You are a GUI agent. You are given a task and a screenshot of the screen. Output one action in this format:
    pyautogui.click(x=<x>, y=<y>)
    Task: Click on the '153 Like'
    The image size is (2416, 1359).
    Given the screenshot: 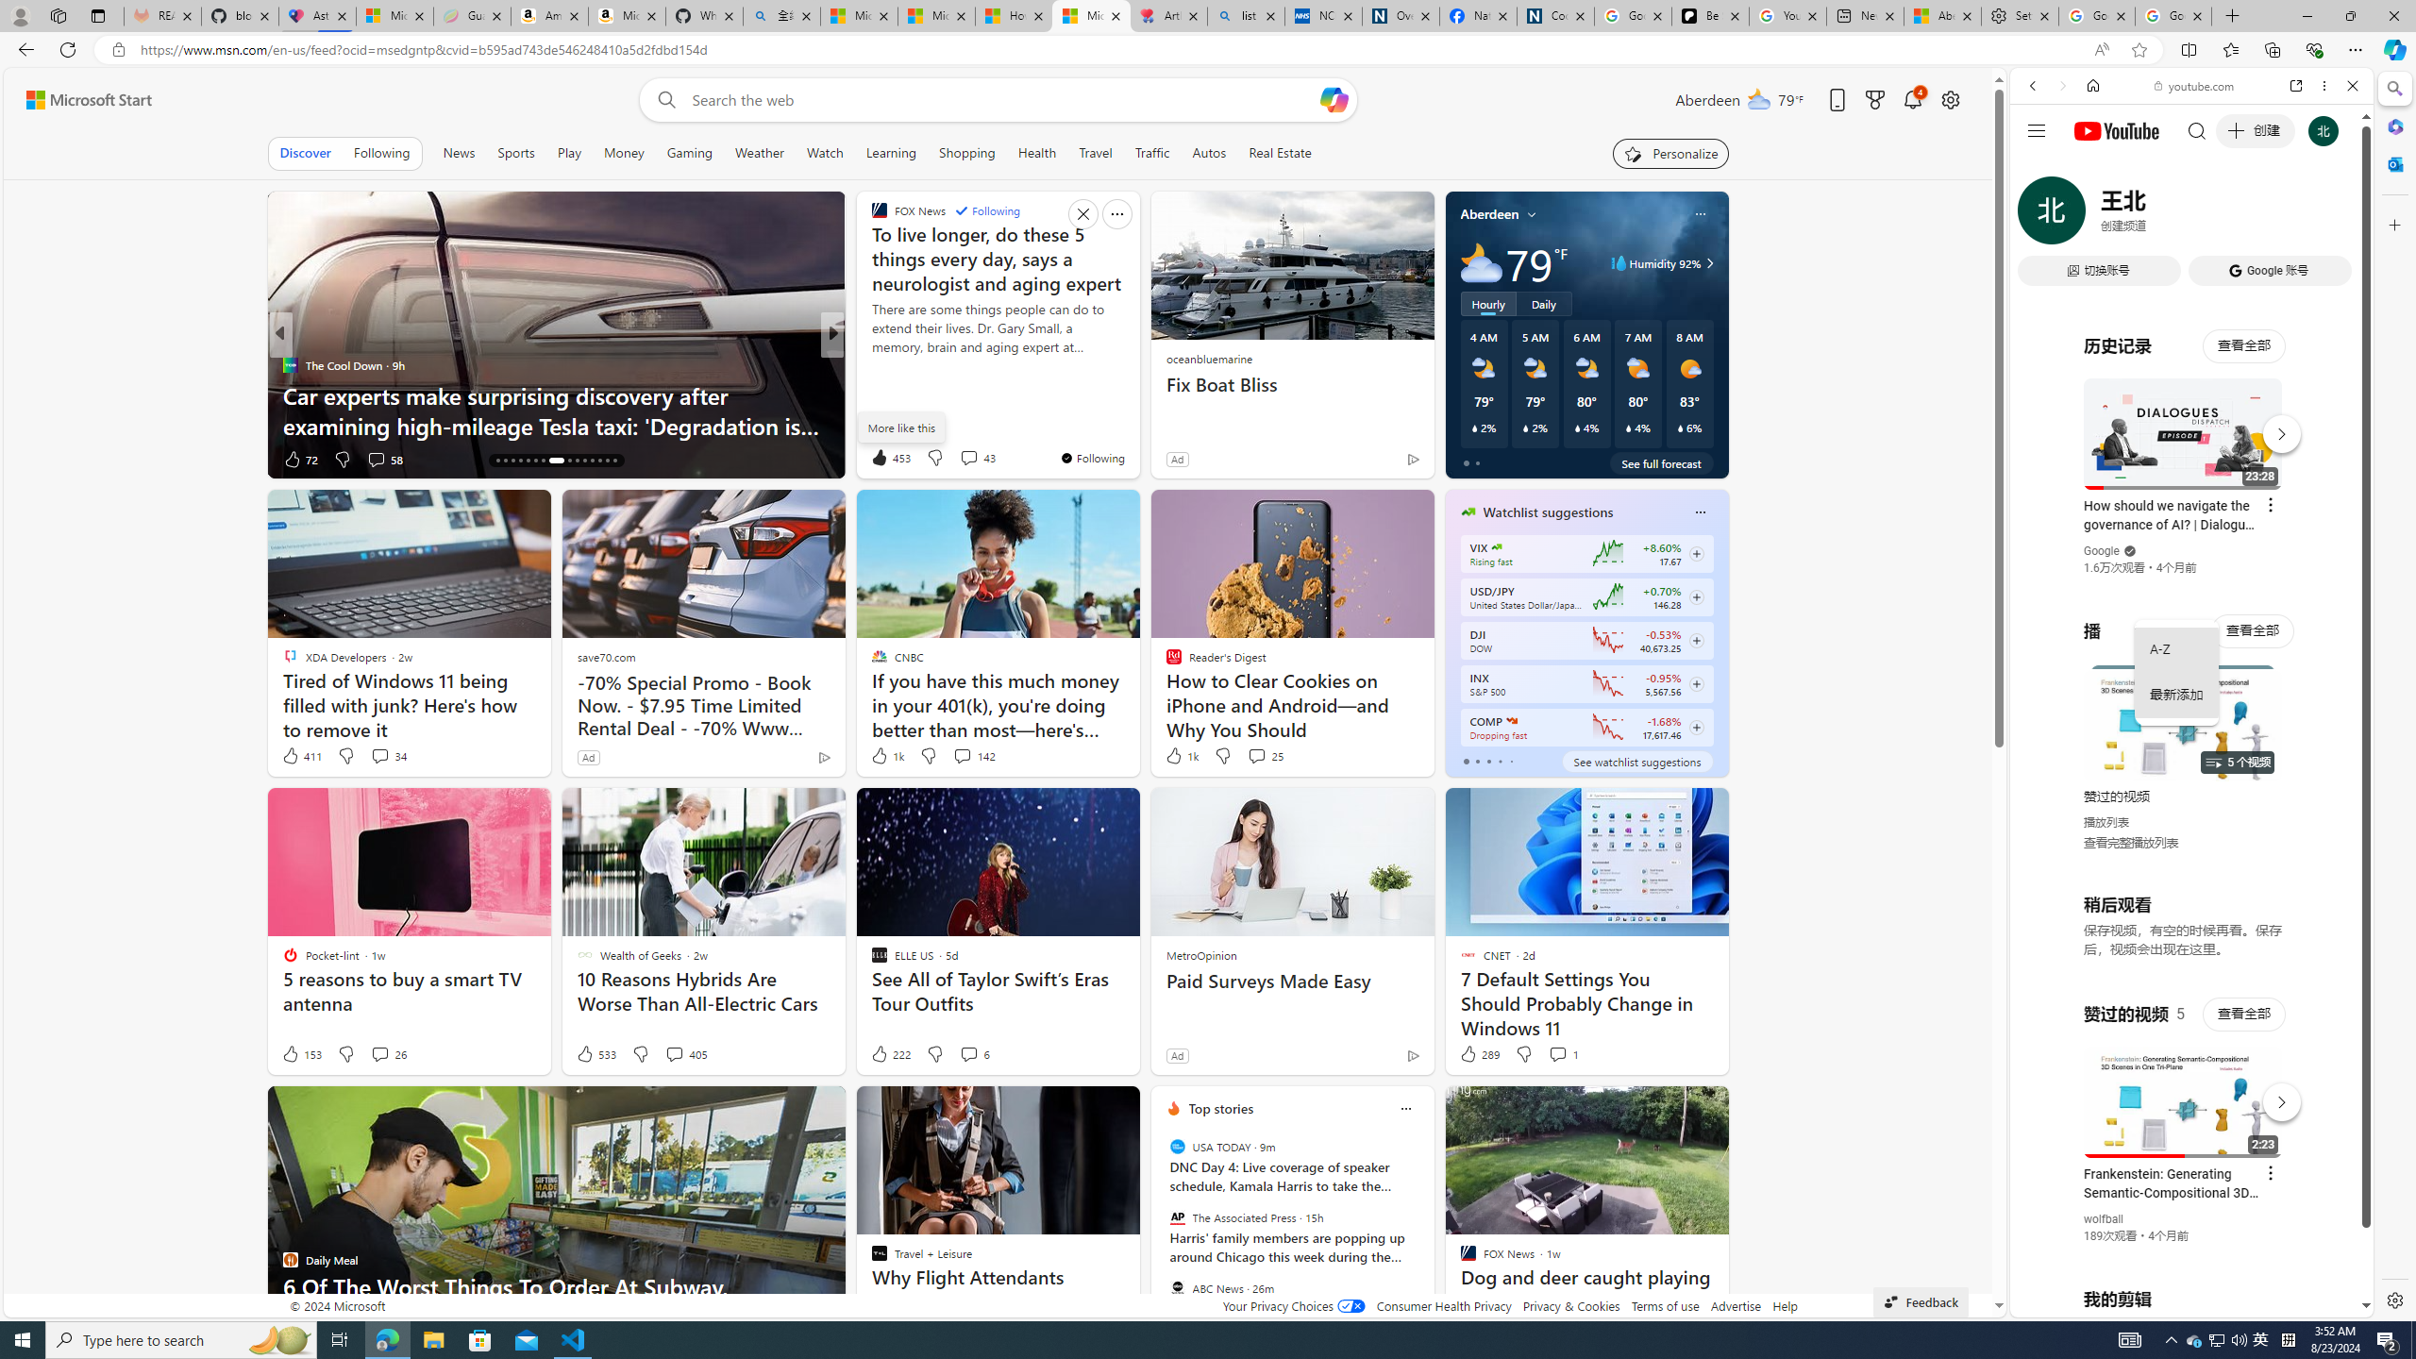 What is the action you would take?
    pyautogui.click(x=299, y=1052)
    